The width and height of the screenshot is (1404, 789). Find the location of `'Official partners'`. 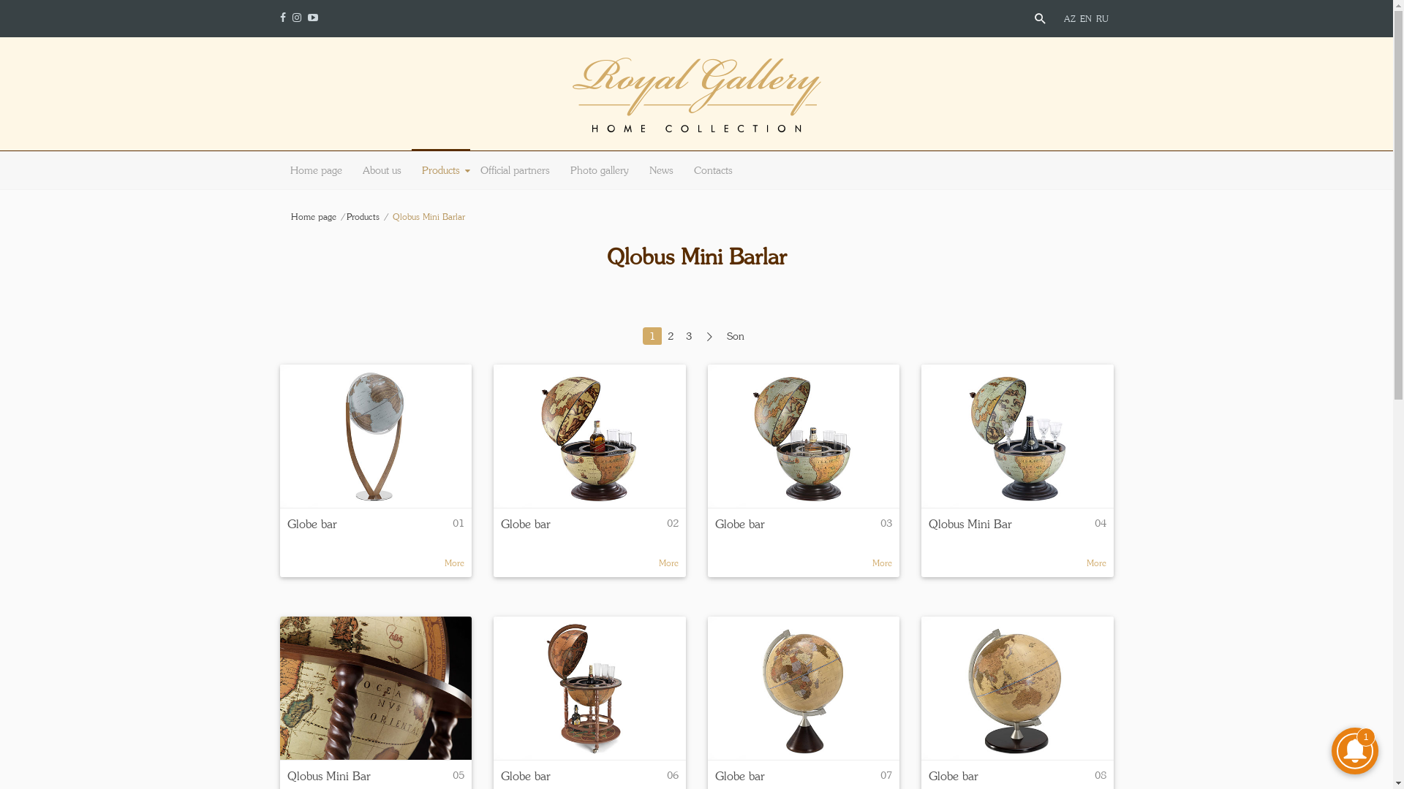

'Official partners' is located at coordinates (514, 169).